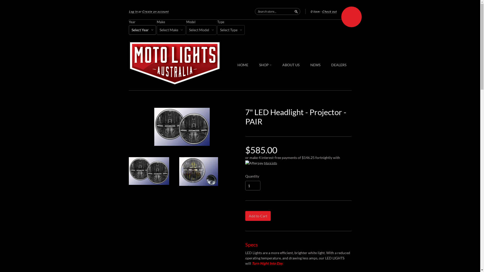  What do you see at coordinates (258, 216) in the screenshot?
I see `'Add to Cart'` at bounding box center [258, 216].